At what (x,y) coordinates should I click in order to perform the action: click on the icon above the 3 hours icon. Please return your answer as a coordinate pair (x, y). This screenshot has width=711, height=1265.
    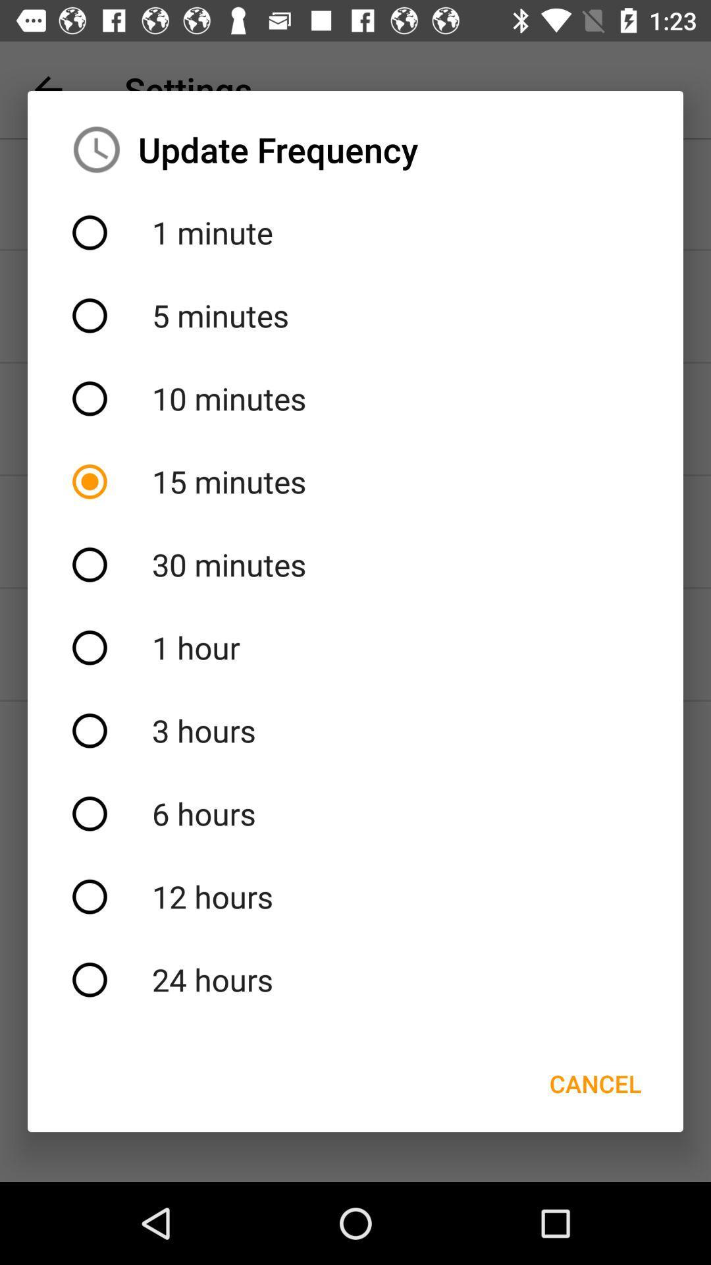
    Looking at the image, I should click on (355, 648).